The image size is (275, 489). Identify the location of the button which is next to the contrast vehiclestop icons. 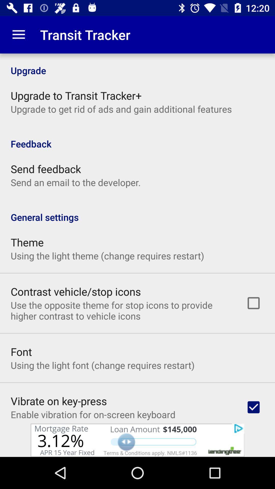
(253, 303).